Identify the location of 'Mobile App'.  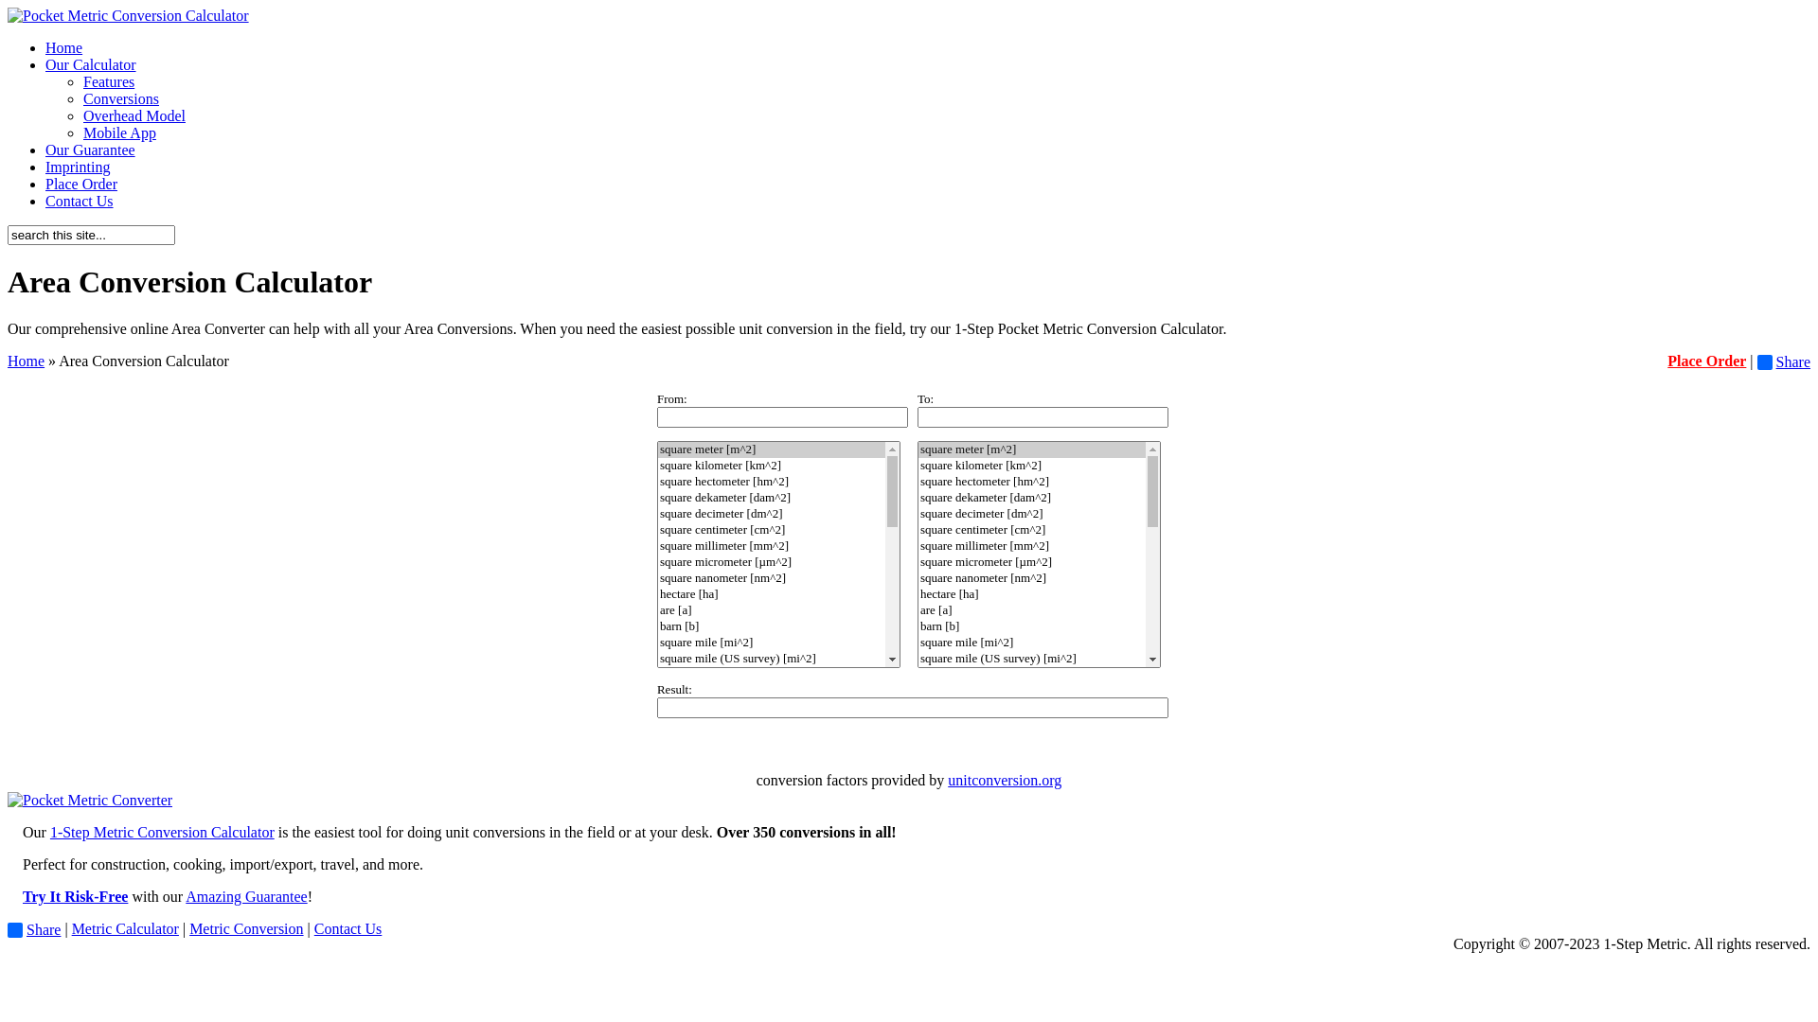
(118, 132).